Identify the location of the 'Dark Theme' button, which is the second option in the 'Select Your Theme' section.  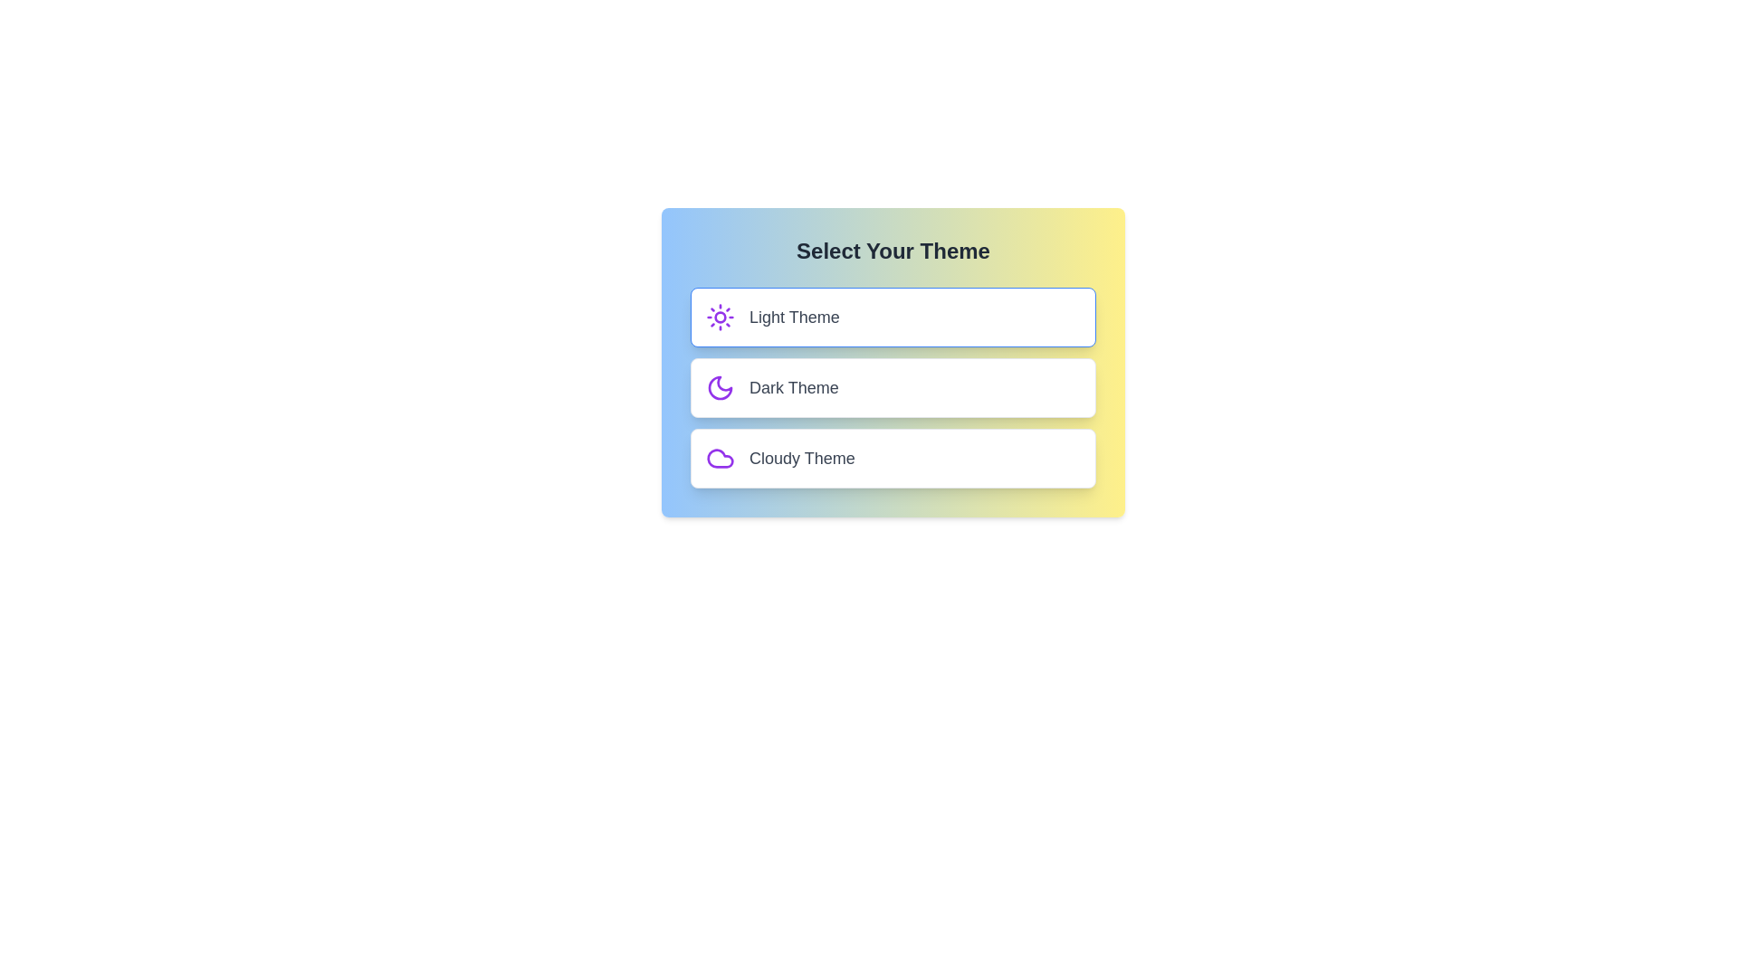
(893, 386).